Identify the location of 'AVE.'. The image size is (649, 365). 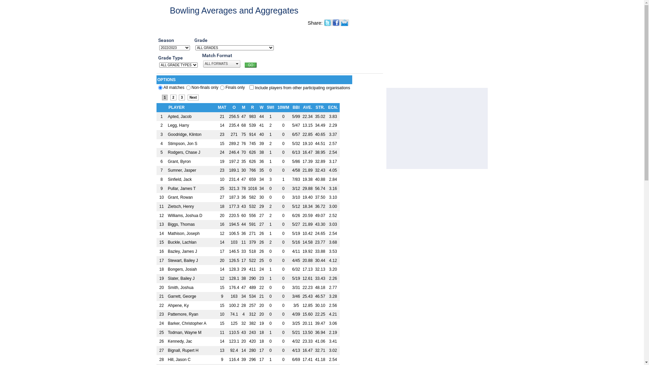
(307, 107).